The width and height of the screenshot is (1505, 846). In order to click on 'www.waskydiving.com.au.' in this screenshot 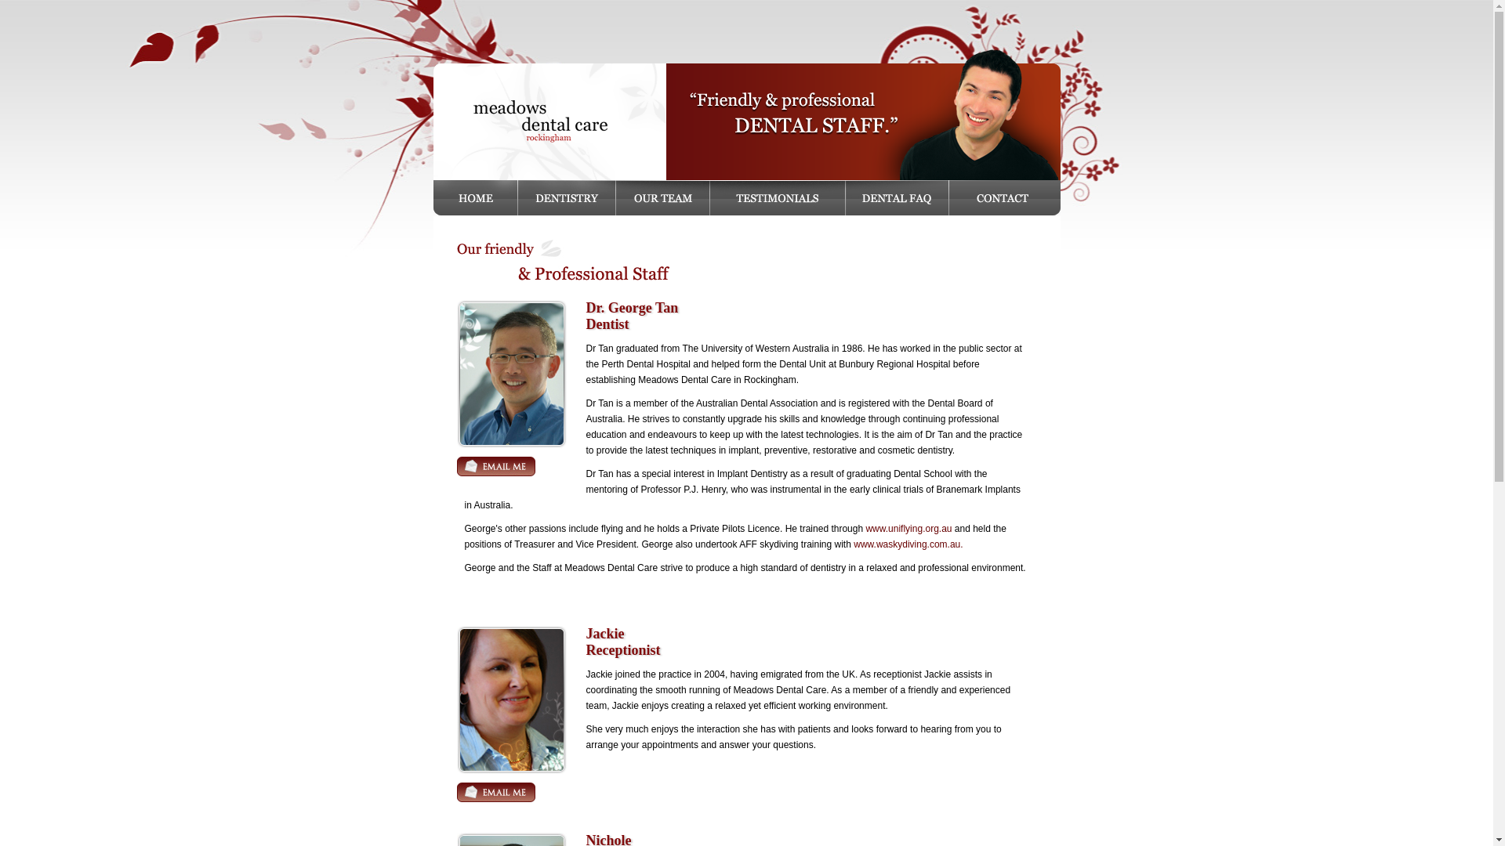, I will do `click(908, 543)`.